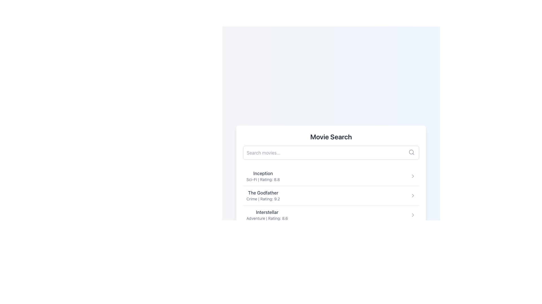 This screenshot has width=542, height=304. I want to click on to select the movie entry titled 'Inception' with a rating of 8.8 from the selectable list, so click(331, 176).